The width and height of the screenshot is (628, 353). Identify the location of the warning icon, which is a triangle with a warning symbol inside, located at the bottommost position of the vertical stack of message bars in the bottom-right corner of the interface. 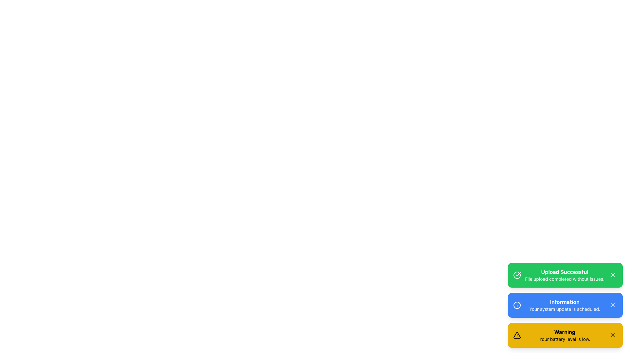
(517, 335).